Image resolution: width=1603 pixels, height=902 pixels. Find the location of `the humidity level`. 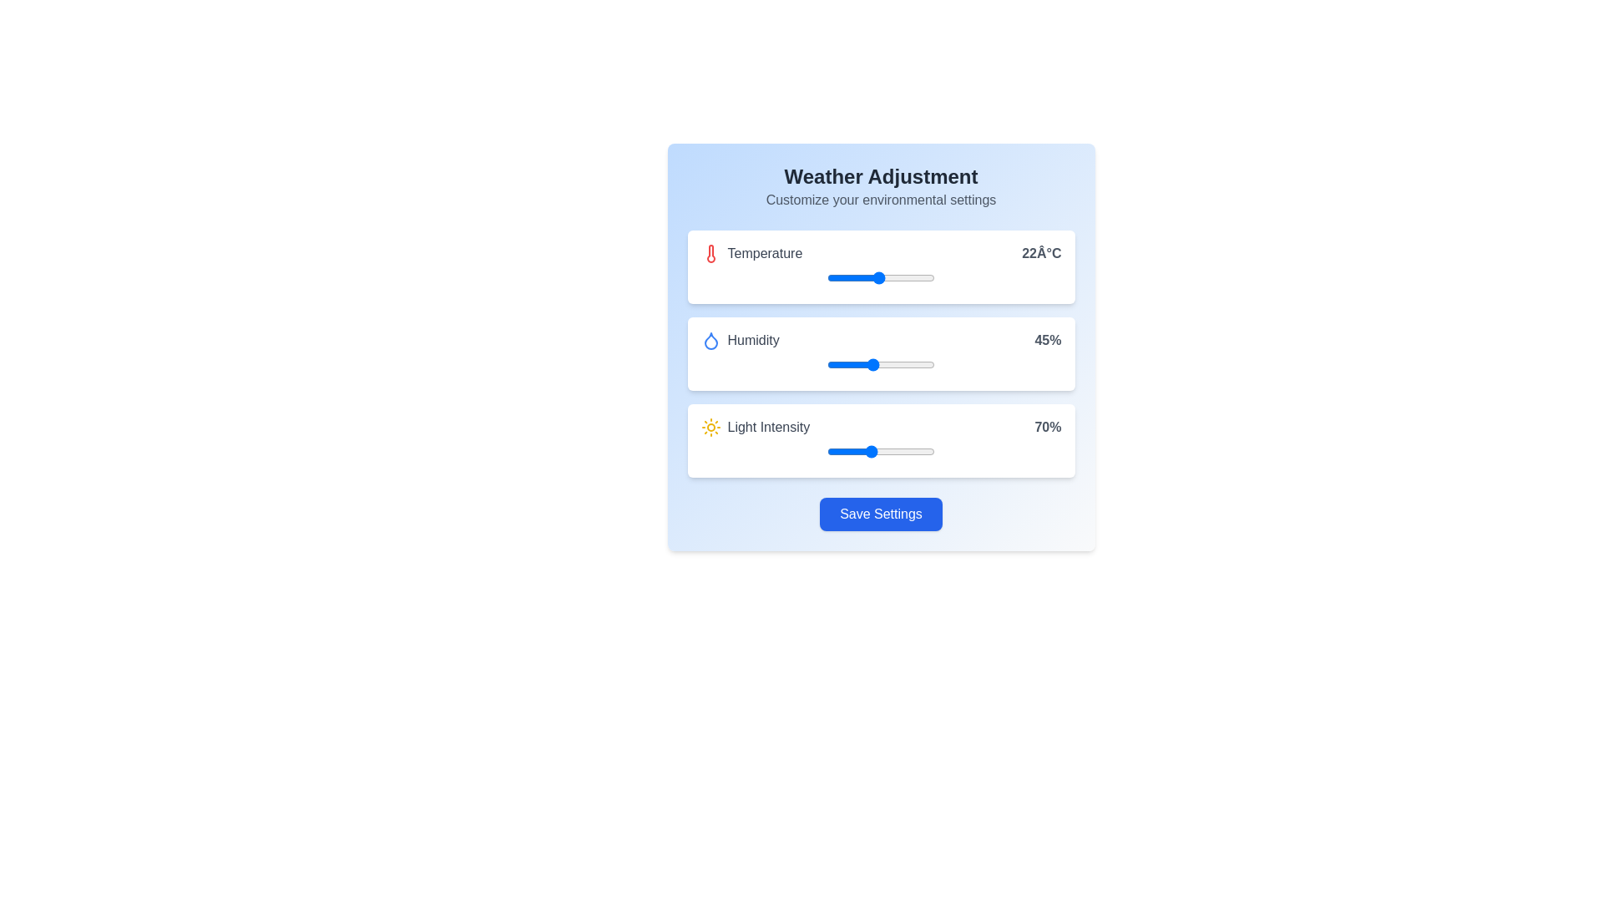

the humidity level is located at coordinates (856, 363).